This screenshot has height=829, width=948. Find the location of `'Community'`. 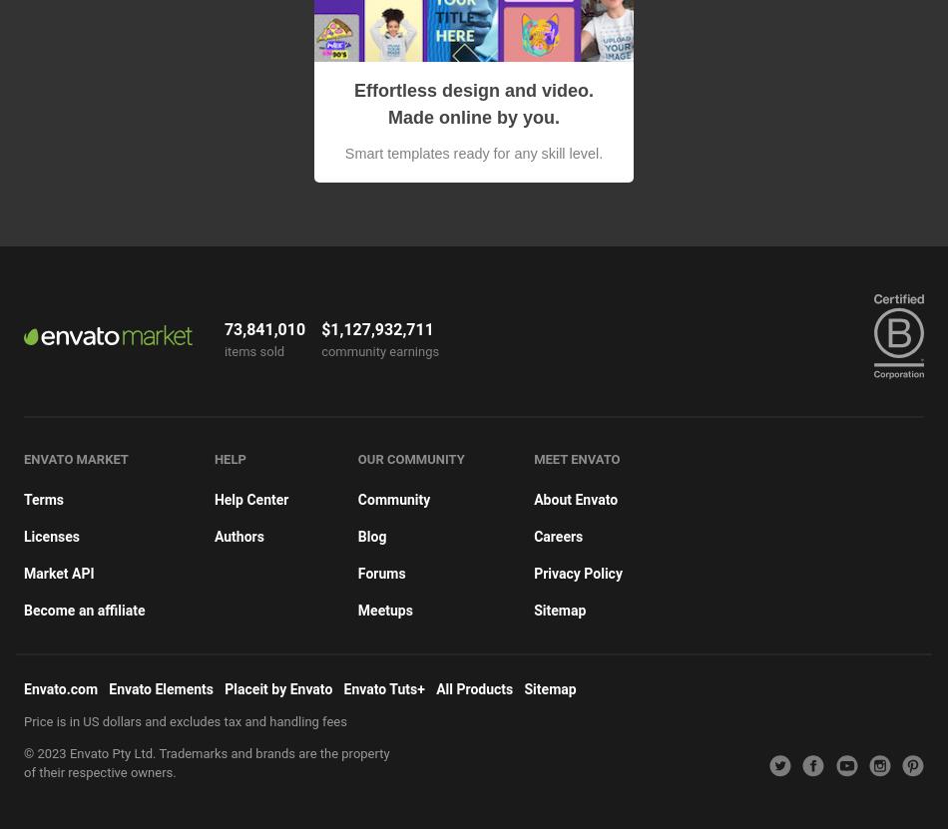

'Community' is located at coordinates (392, 500).